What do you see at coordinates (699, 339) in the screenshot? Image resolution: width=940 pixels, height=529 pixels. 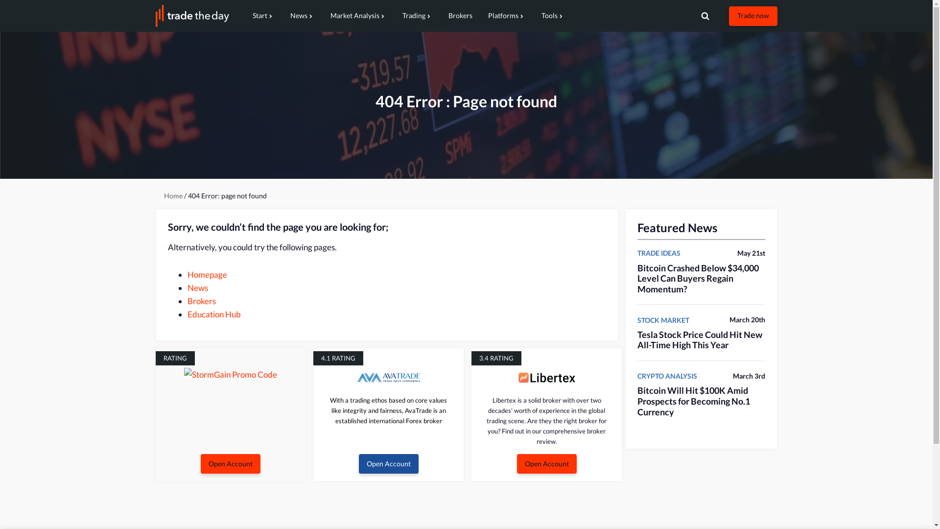 I see `'Tesla Stock Price Could Hit New All-Time High This Year'` at bounding box center [699, 339].